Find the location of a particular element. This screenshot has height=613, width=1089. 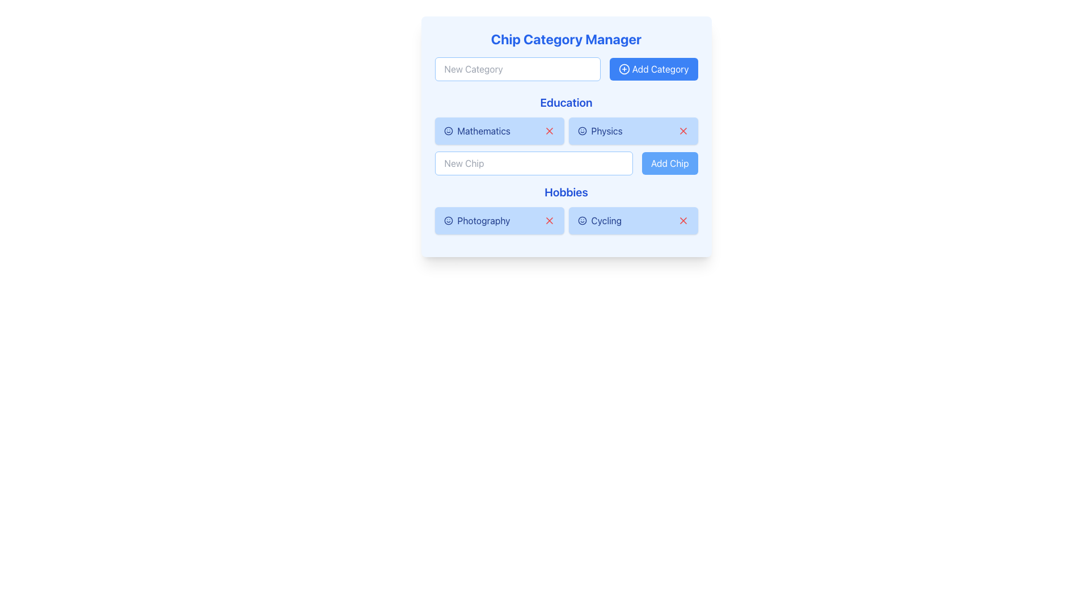

the button that adds a new chip or tag in the 'Education' section to observe its hover effect is located at coordinates (670, 163).